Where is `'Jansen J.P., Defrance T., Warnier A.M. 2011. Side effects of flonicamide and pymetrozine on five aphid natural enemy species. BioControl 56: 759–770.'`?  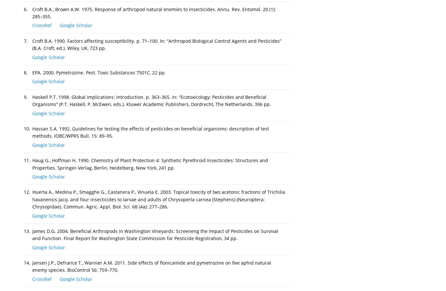
'Jansen J.P., Defrance T., Warnier A.M. 2011. Side effects of flonicamide and pymetrozine on five aphid natural enemy species. BioControl 56: 759–770.' is located at coordinates (151, 266).